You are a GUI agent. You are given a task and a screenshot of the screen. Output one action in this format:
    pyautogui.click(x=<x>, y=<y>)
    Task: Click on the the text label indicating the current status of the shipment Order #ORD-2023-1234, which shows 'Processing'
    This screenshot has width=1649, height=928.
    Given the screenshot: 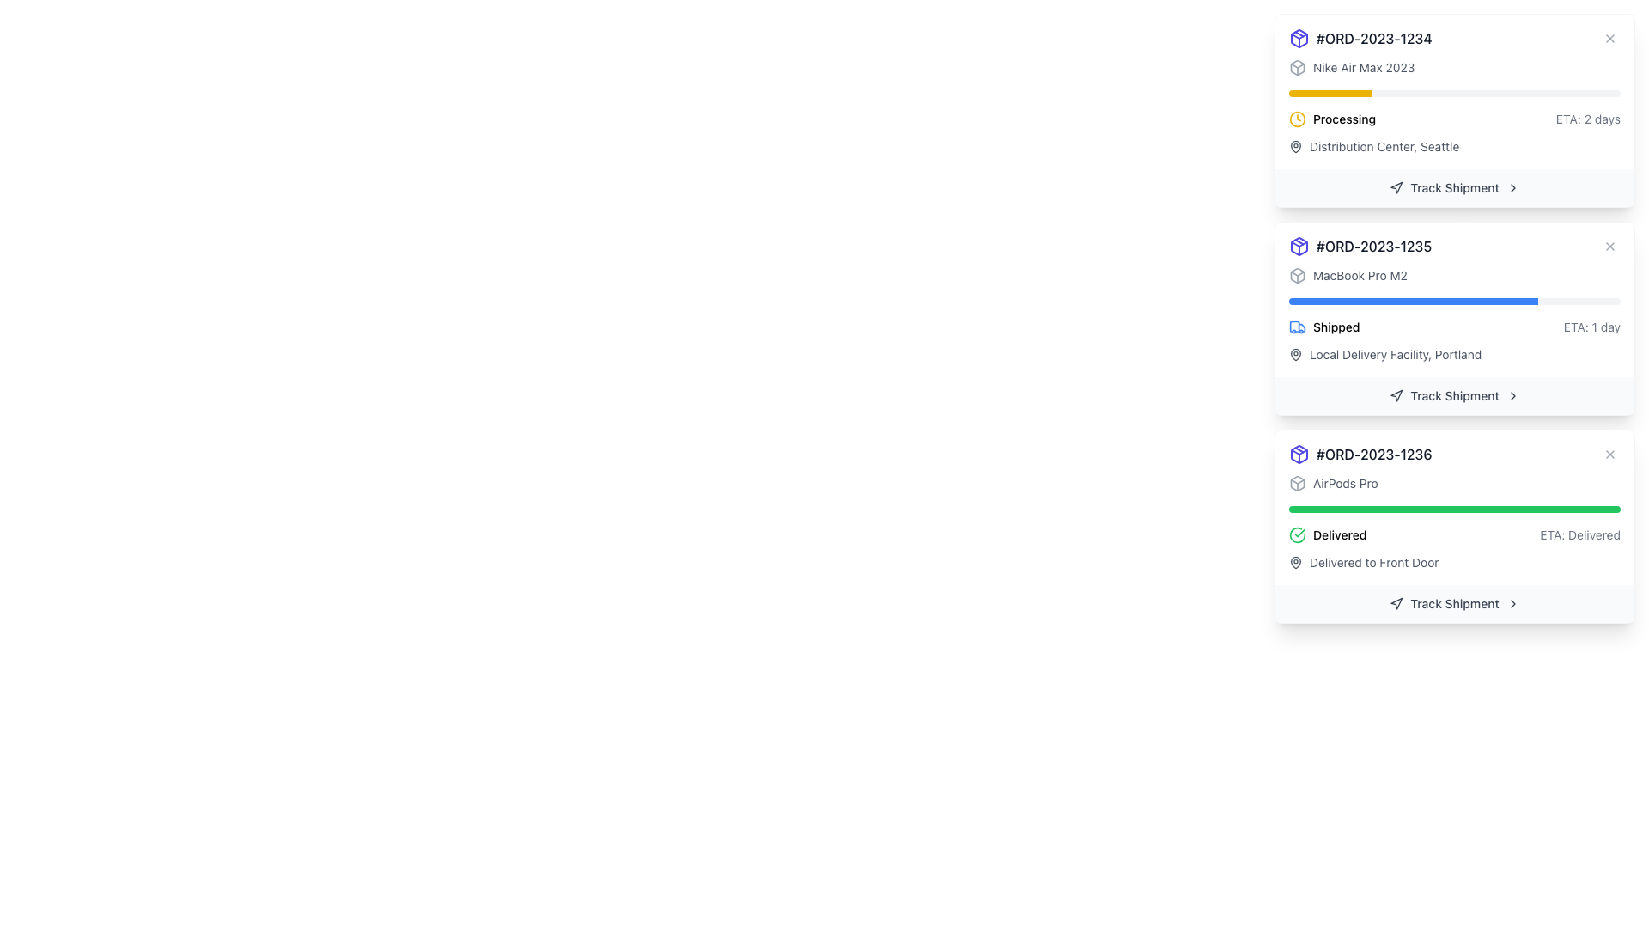 What is the action you would take?
    pyautogui.click(x=1343, y=118)
    